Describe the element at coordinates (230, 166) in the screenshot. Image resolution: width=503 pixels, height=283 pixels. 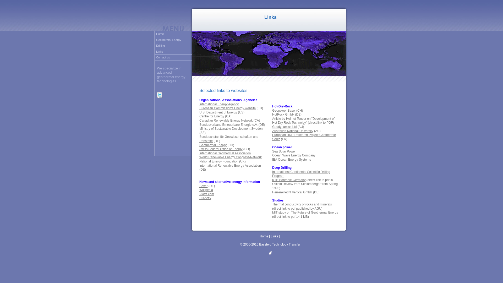
I see `'International Renewable Energy Association'` at that location.